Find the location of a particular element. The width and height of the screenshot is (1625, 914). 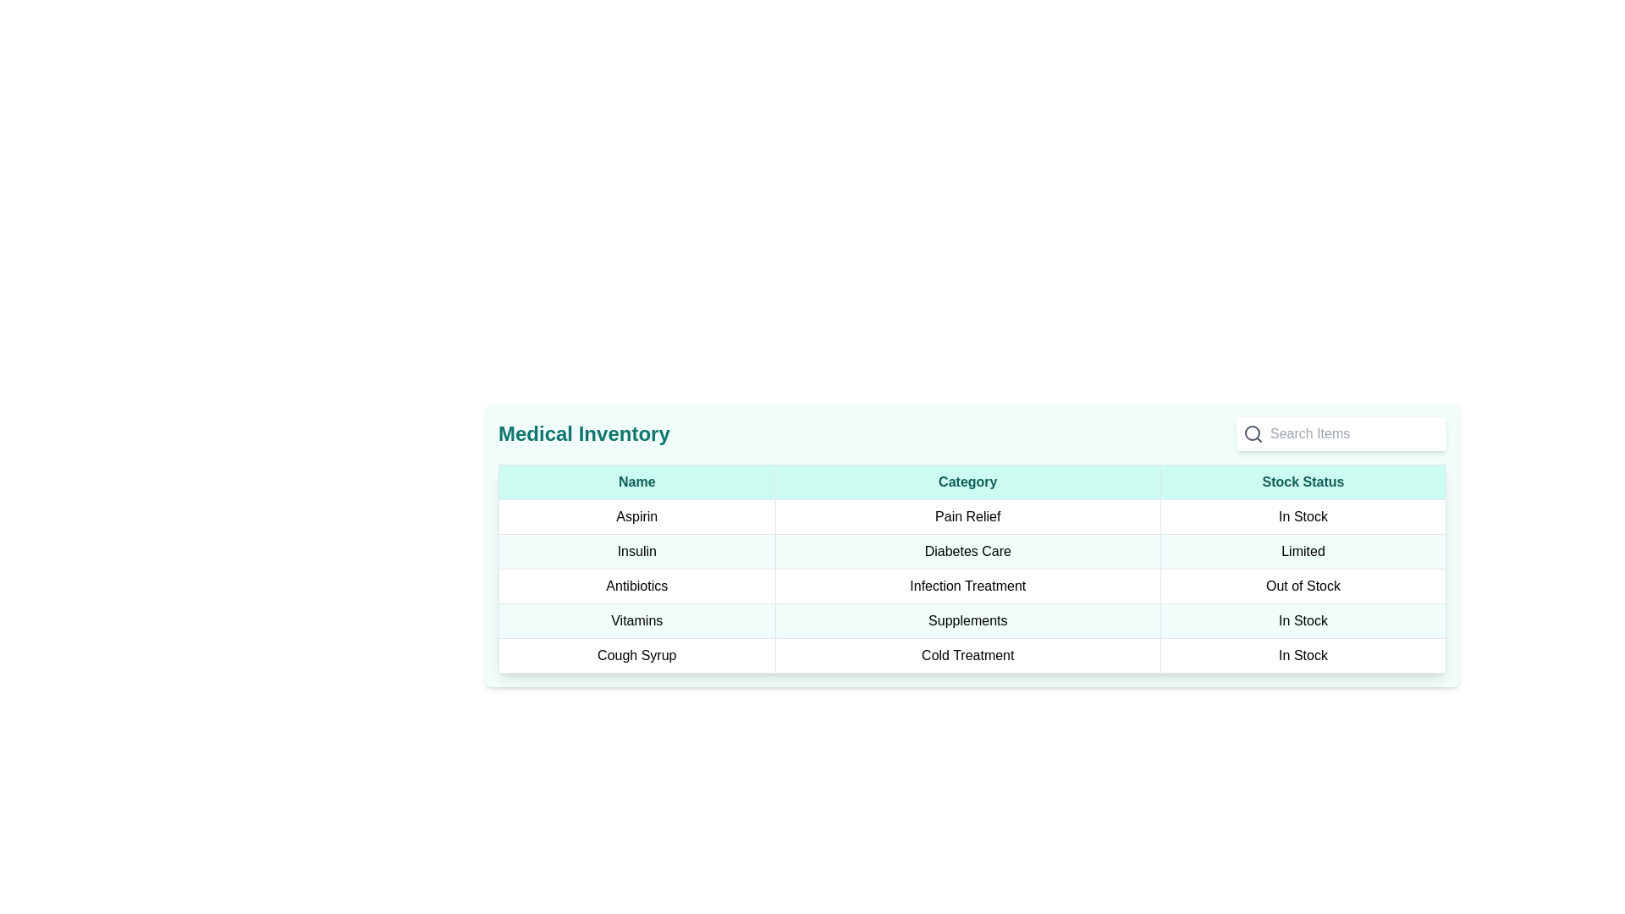

the 'Infection Treatment' text label in the 'Category' column of the 'Medical Inventory' table, which is centrally positioned between the 'Antibiotics' and 'Out of Stock' cells is located at coordinates (967, 586).